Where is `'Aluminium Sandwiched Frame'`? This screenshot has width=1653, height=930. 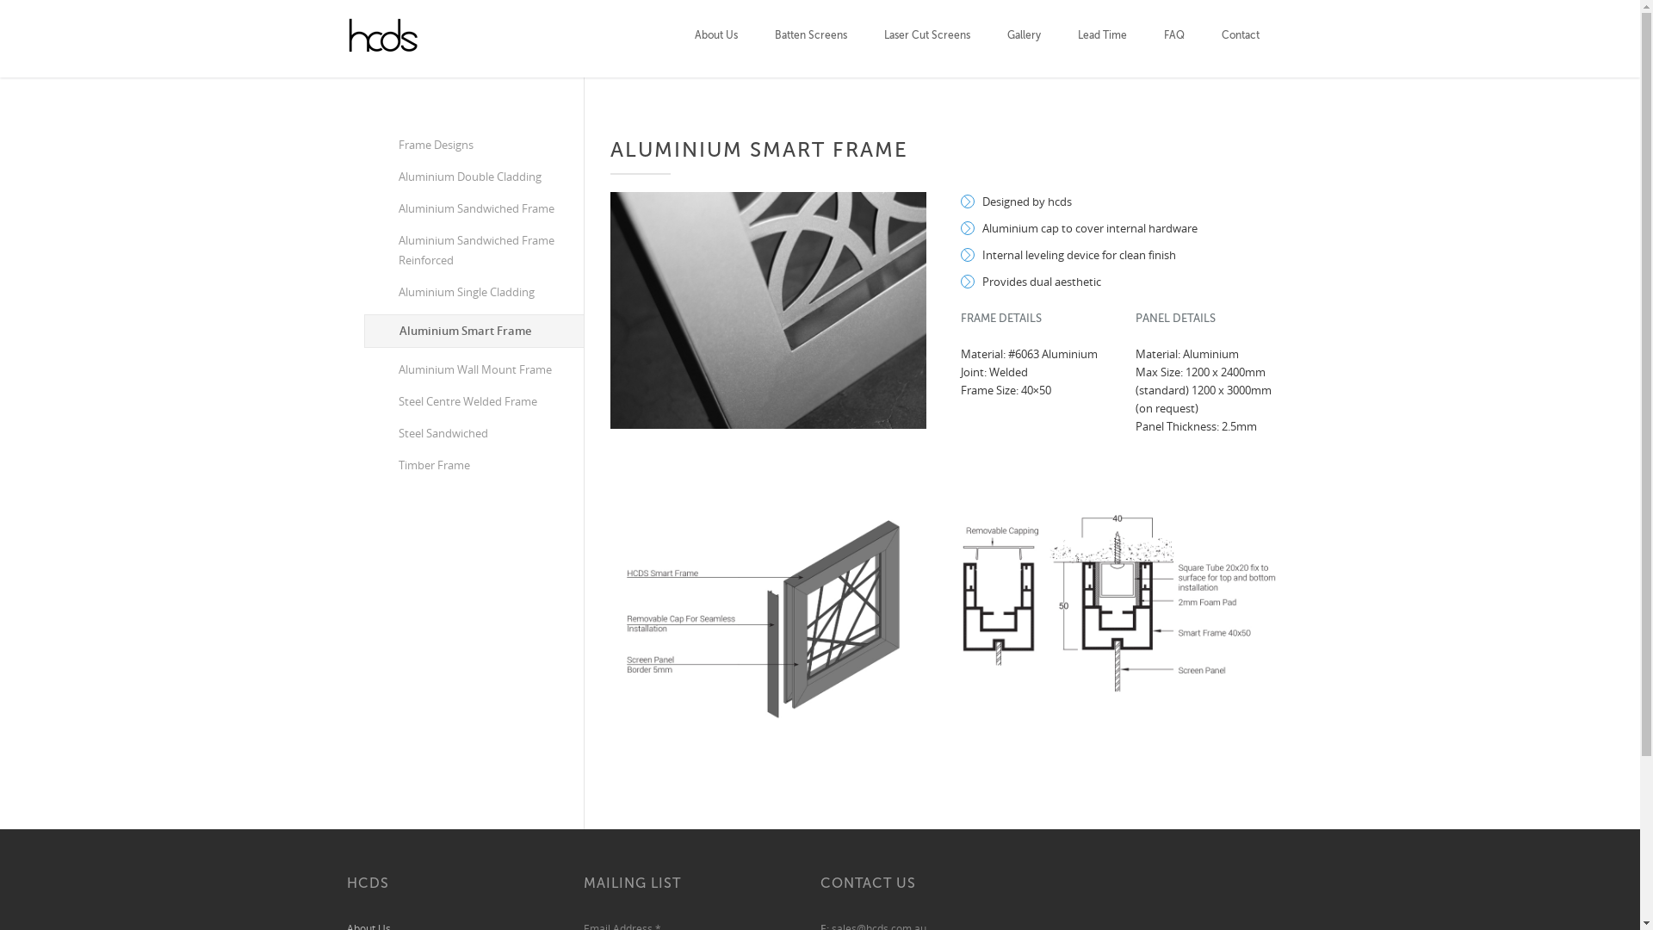
'Aluminium Sandwiched Frame' is located at coordinates (473, 208).